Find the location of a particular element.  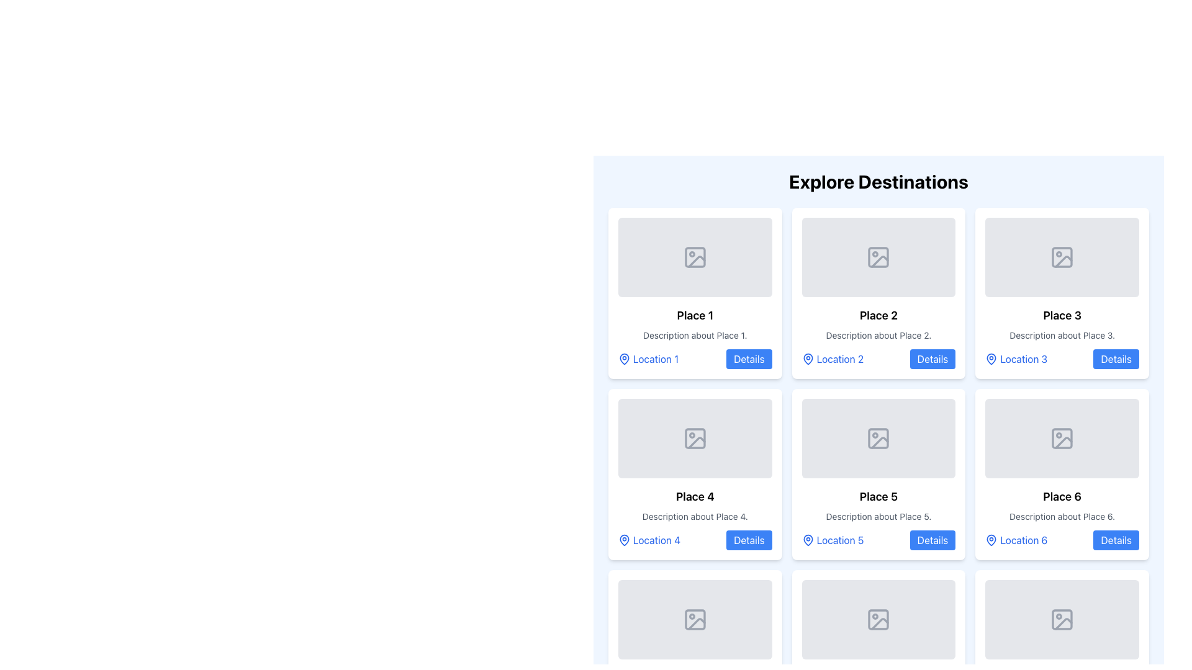

the SVG-based map pin icon located in the third card of a three-column grid layout, positioned to the left of the text labeled 'Location 3.' is located at coordinates (991, 359).